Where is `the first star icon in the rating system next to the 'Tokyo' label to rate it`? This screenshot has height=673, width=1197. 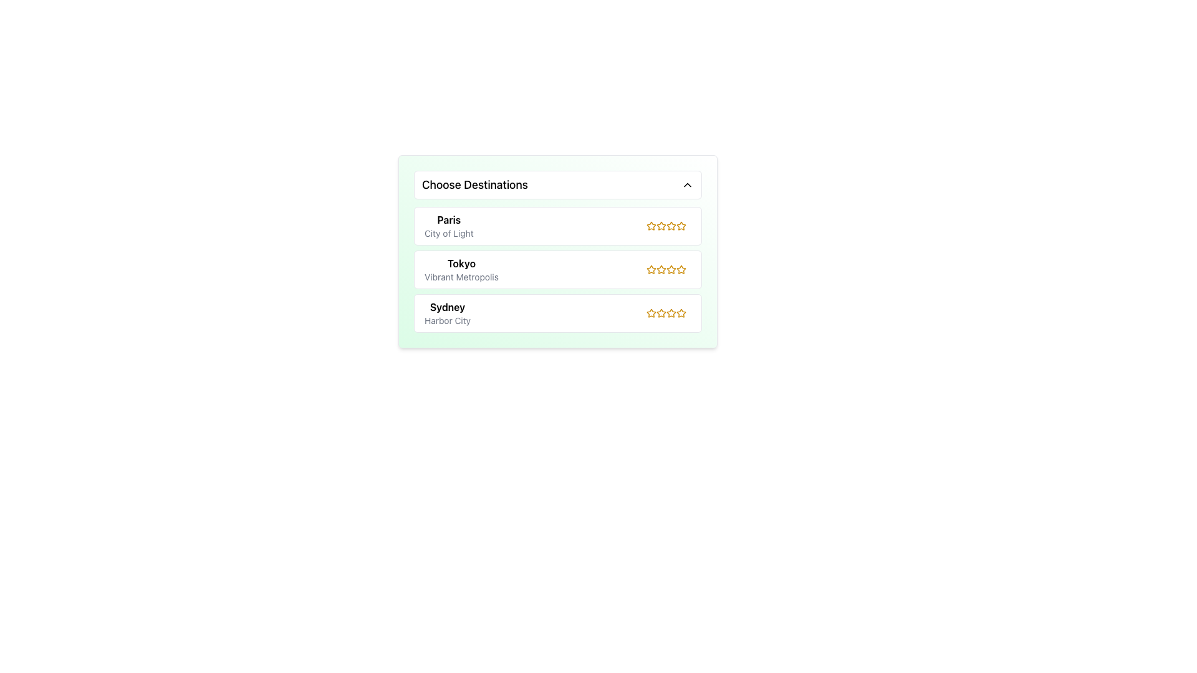
the first star icon in the rating system next to the 'Tokyo' label to rate it is located at coordinates (651, 269).